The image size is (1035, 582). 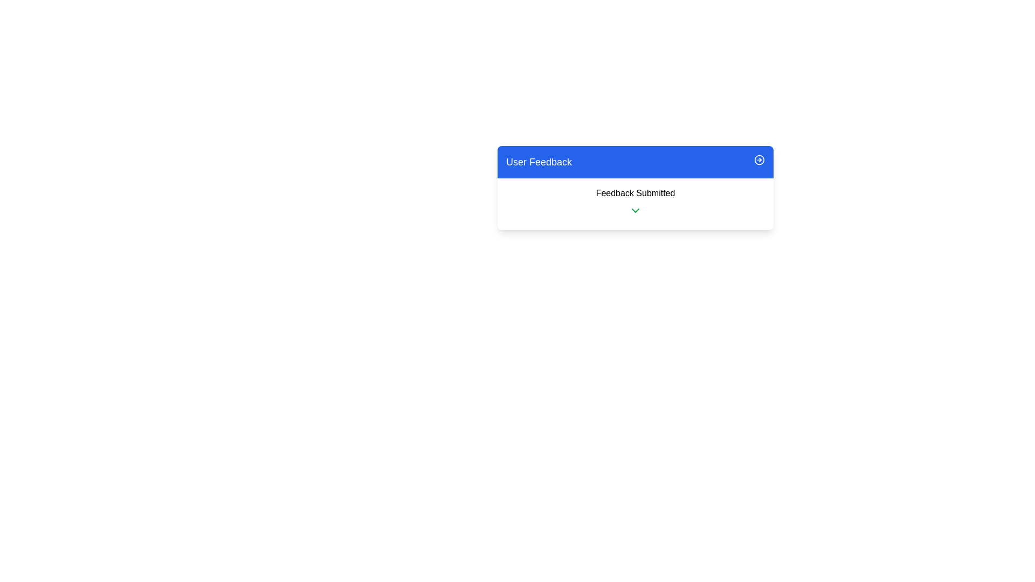 I want to click on the icon button located in the upper right corner of the 'User Feedback' blue header, so click(x=759, y=160).